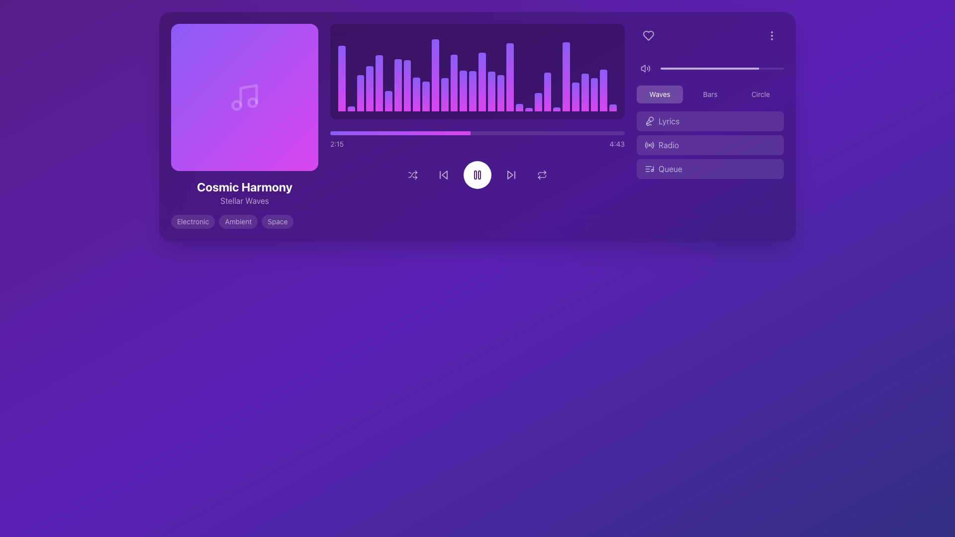 The height and width of the screenshot is (537, 955). Describe the element at coordinates (193, 221) in the screenshot. I see `the 'Electronic' category button, which is a pill-shaped button with light gray text on a semi-transparent dark background, located in the lower left region of the album section` at that location.